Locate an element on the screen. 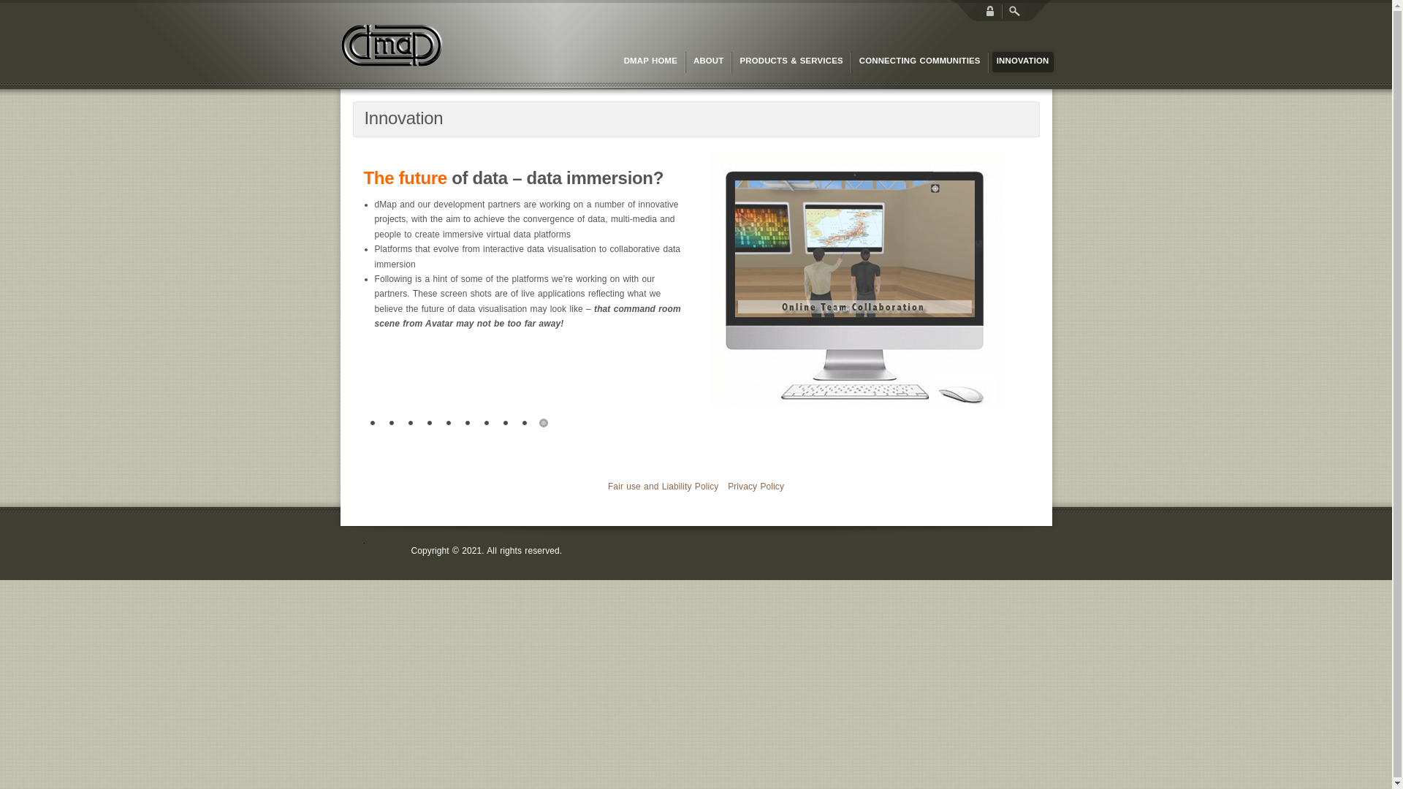  '#' is located at coordinates (466, 423).